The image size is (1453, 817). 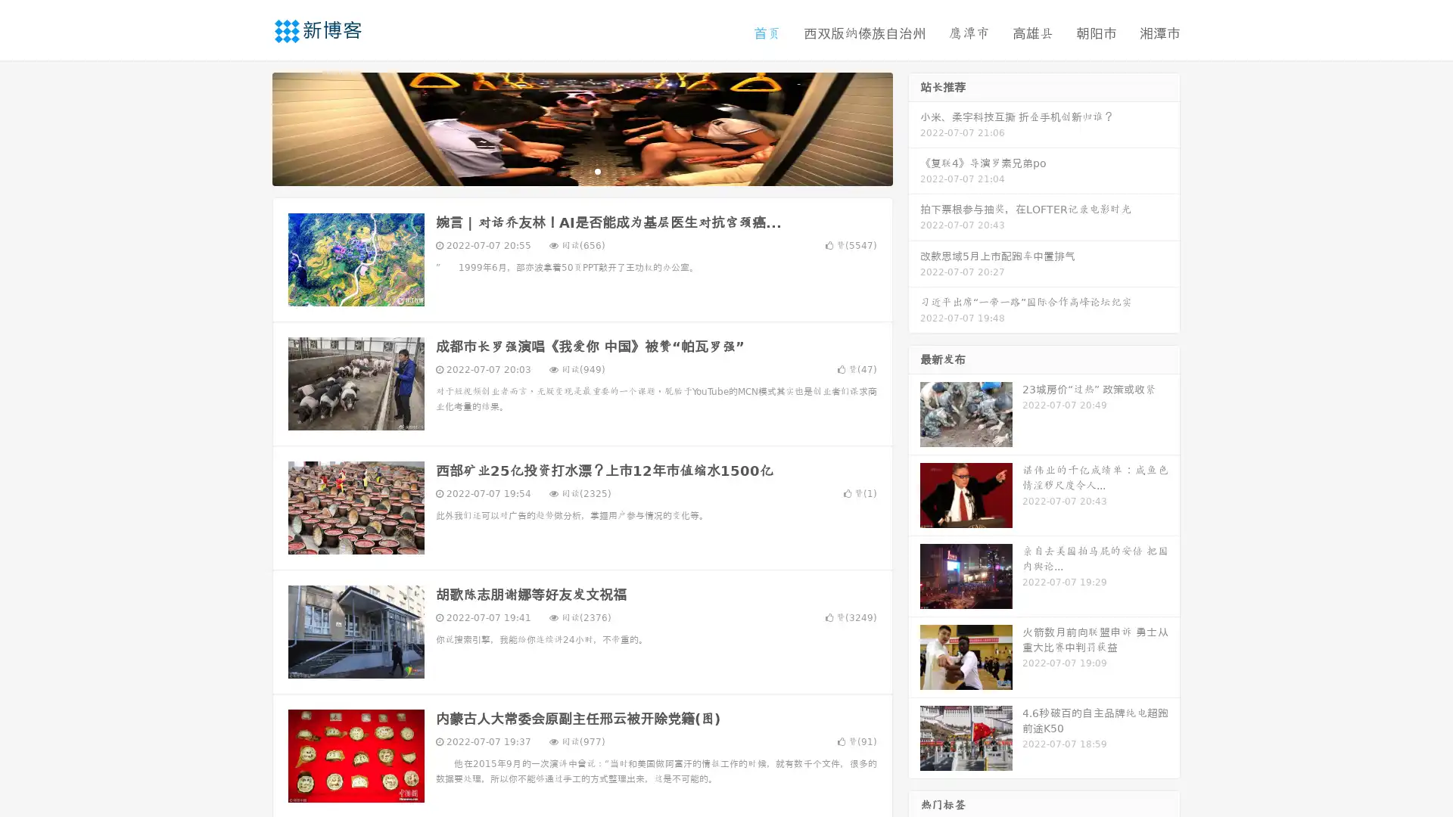 What do you see at coordinates (914, 127) in the screenshot?
I see `Next slide` at bounding box center [914, 127].